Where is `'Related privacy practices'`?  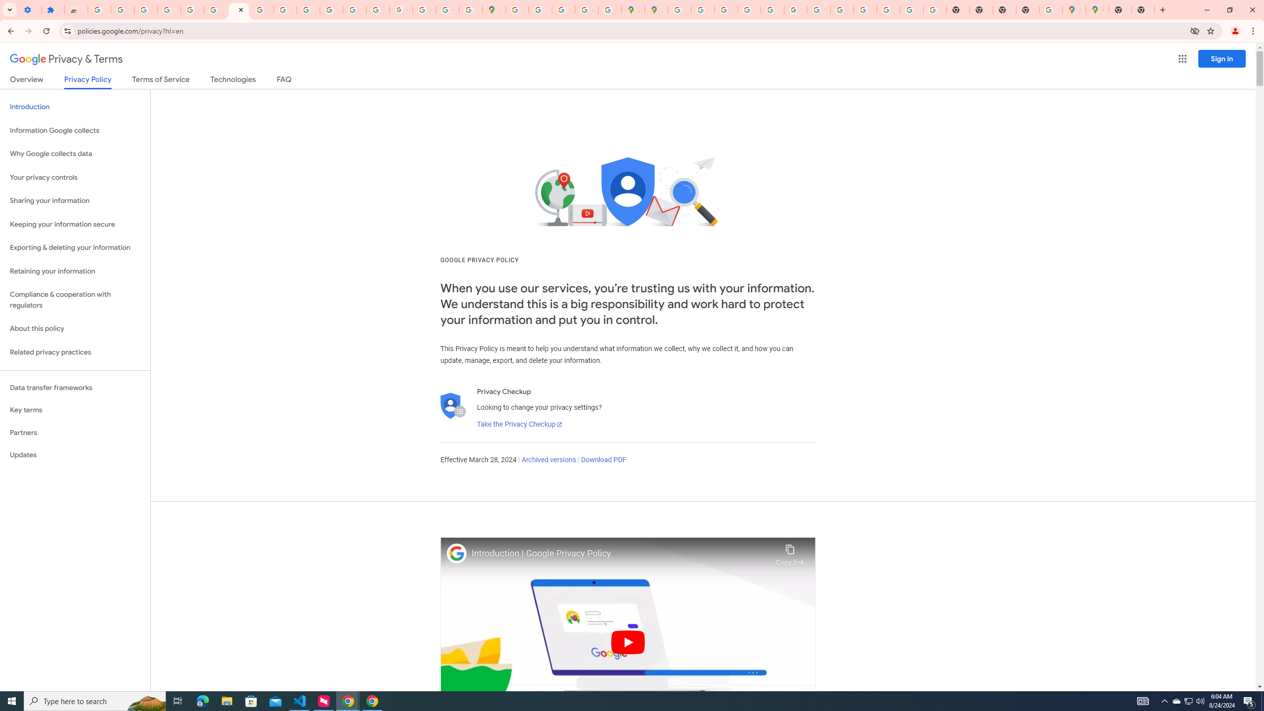 'Related privacy practices' is located at coordinates (75, 352).